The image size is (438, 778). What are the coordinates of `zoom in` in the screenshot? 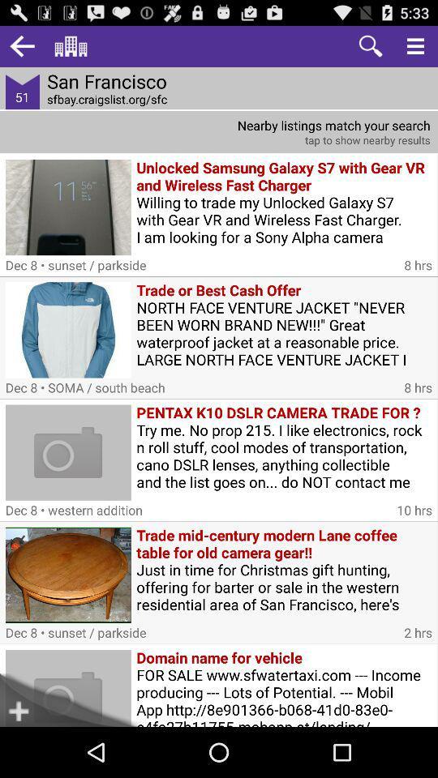 It's located at (371, 45).